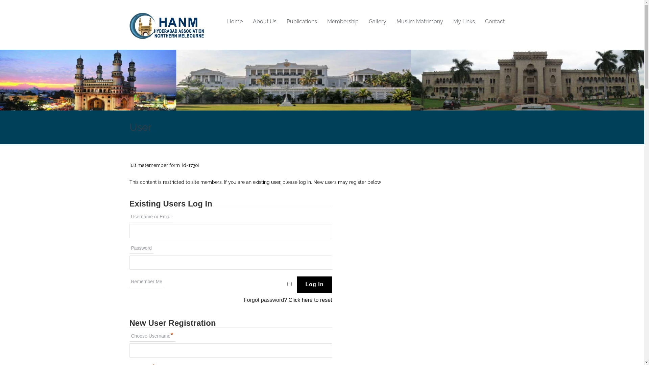 The image size is (649, 365). Describe the element at coordinates (289, 299) in the screenshot. I see `'Click here to reset'` at that location.